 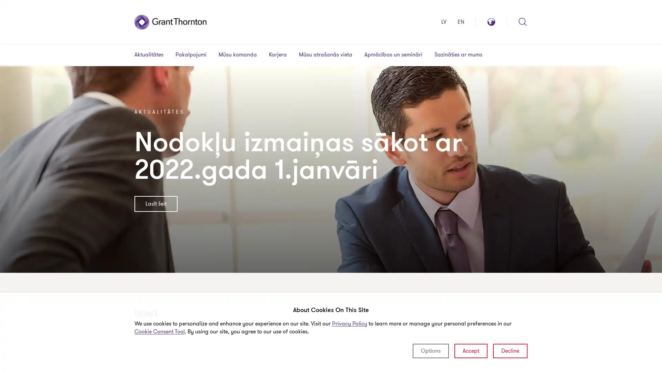 What do you see at coordinates (430, 351) in the screenshot?
I see `Options` at bounding box center [430, 351].